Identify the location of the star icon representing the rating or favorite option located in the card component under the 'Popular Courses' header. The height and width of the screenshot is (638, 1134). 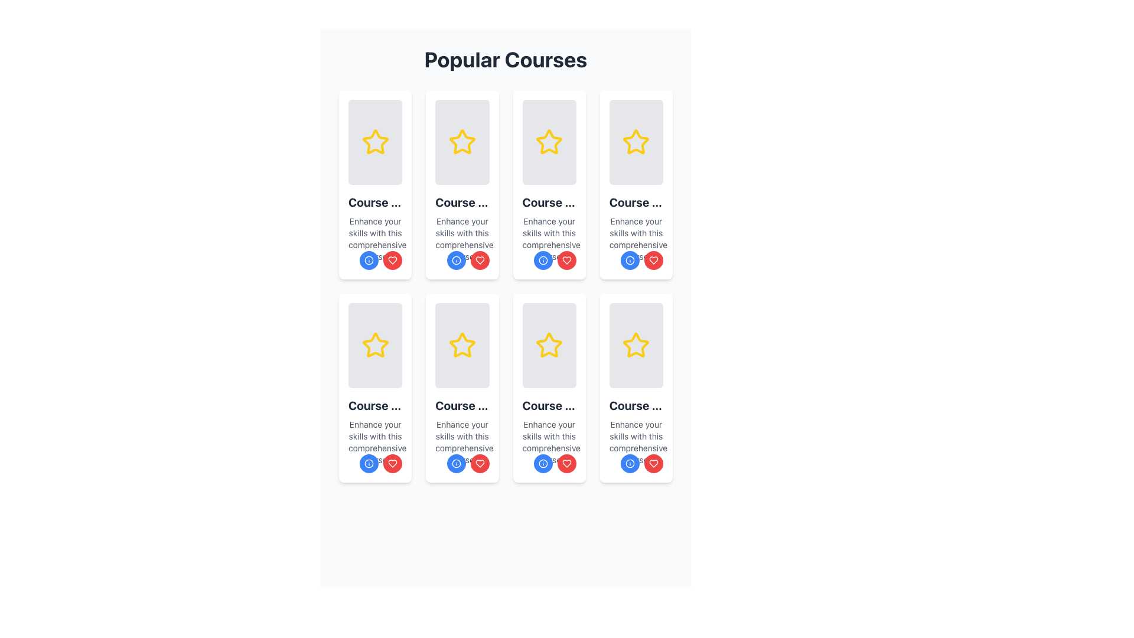
(461, 346).